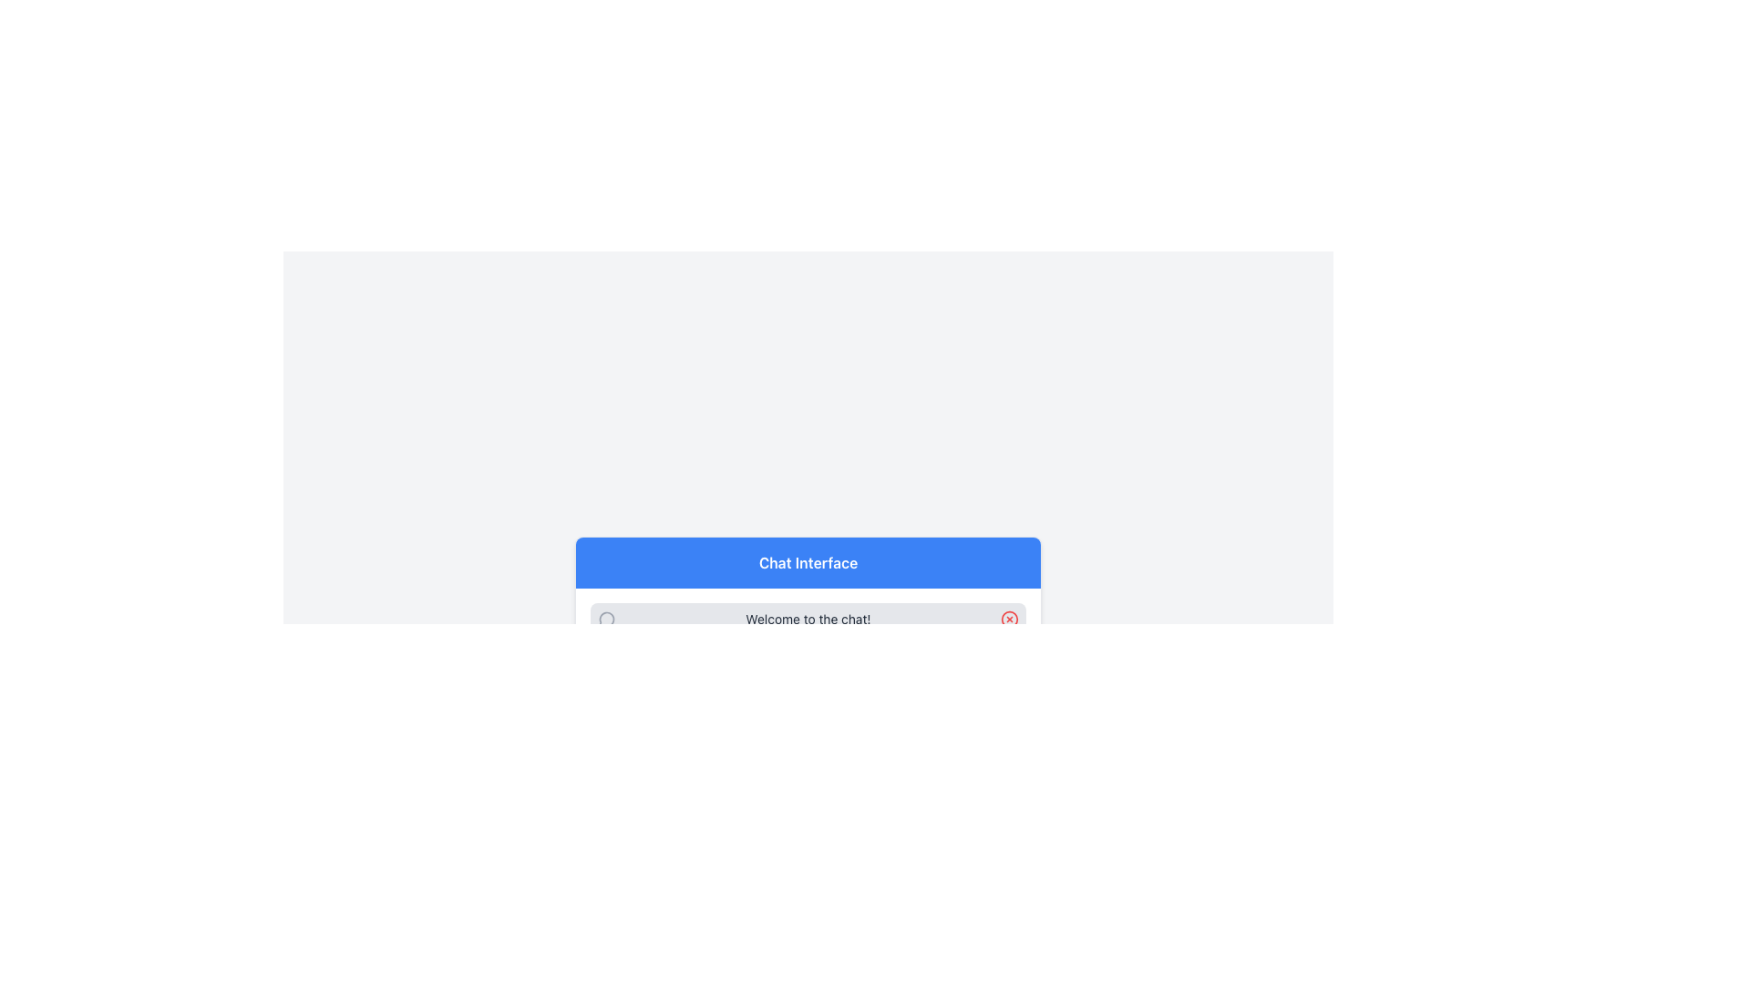 This screenshot has width=1750, height=984. What do you see at coordinates (808, 561) in the screenshot?
I see `the static text header at the top of the chat interface, which serves as the title for the section` at bounding box center [808, 561].